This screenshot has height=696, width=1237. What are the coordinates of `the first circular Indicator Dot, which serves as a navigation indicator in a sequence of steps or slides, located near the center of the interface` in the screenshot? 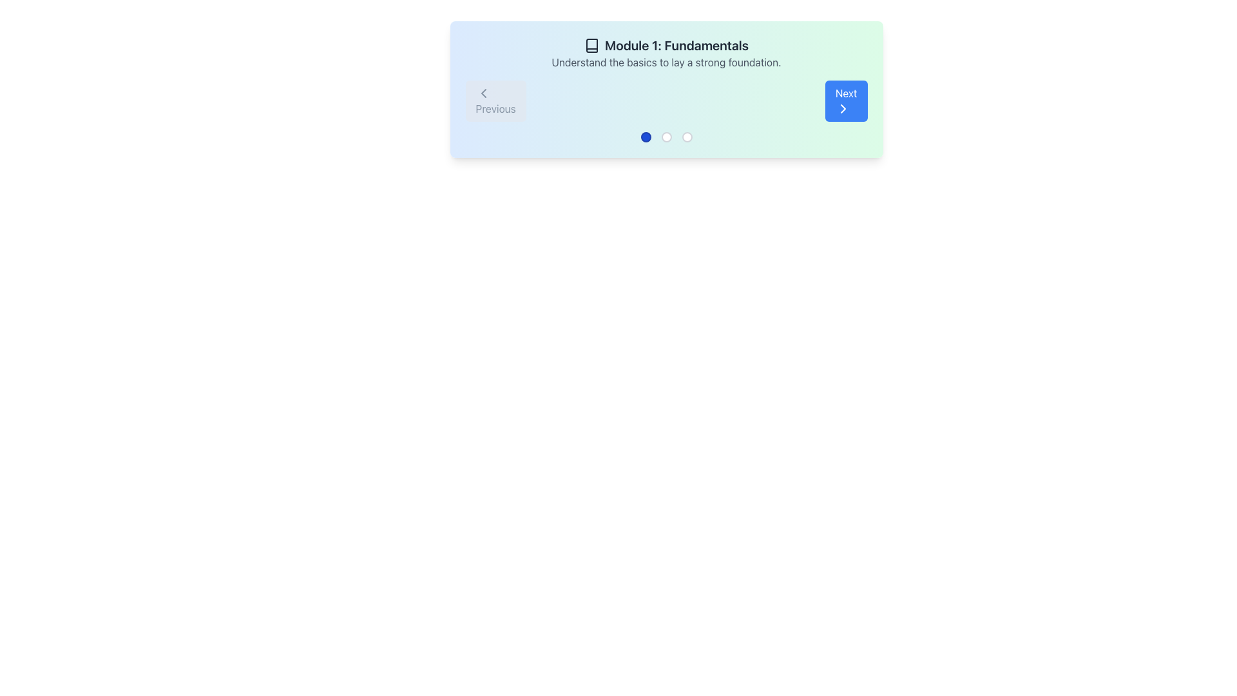 It's located at (646, 137).